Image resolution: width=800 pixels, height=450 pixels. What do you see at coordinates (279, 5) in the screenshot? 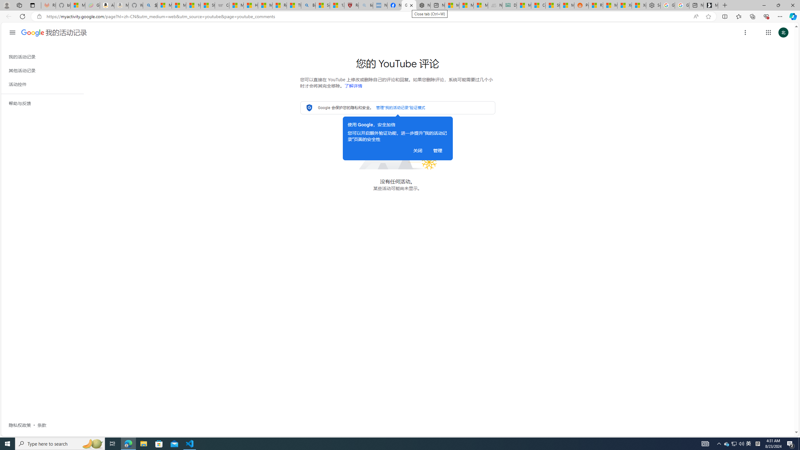
I see `'Recipes - MSN'` at bounding box center [279, 5].